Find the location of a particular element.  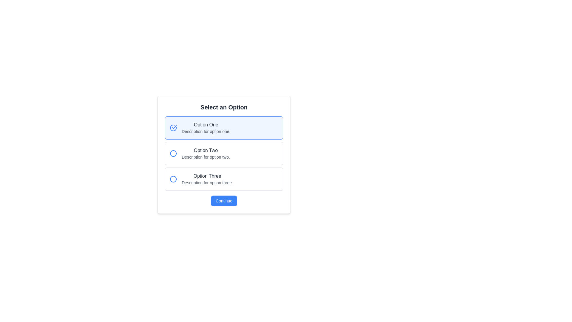

the confirmation button located at the bottom center of the interface to trigger the hover effect is located at coordinates (224, 201).